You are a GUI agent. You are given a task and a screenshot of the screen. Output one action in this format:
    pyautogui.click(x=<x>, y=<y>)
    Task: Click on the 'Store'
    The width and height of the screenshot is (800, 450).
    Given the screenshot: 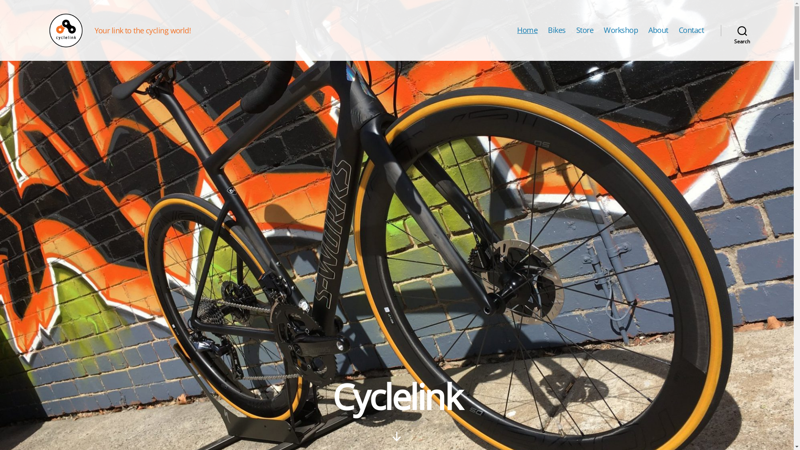 What is the action you would take?
    pyautogui.click(x=575, y=30)
    